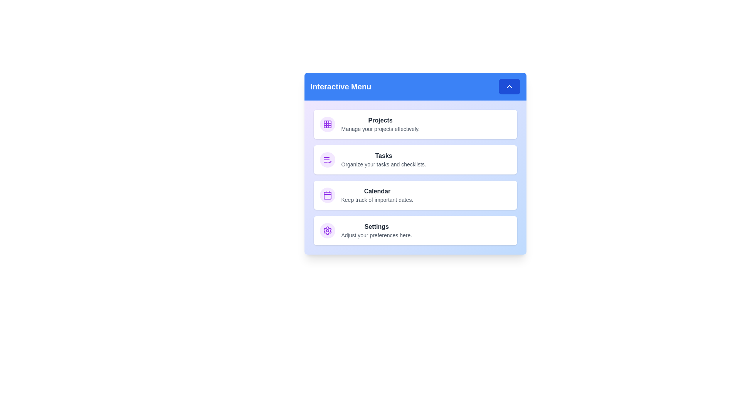 The image size is (740, 416). Describe the element at coordinates (415, 124) in the screenshot. I see `the menu item Projects to display its hover state` at that location.